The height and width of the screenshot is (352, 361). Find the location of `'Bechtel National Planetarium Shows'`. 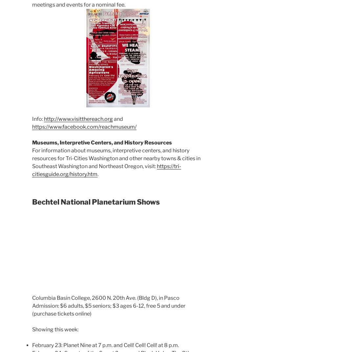

'Bechtel National Planetarium Shows' is located at coordinates (96, 202).